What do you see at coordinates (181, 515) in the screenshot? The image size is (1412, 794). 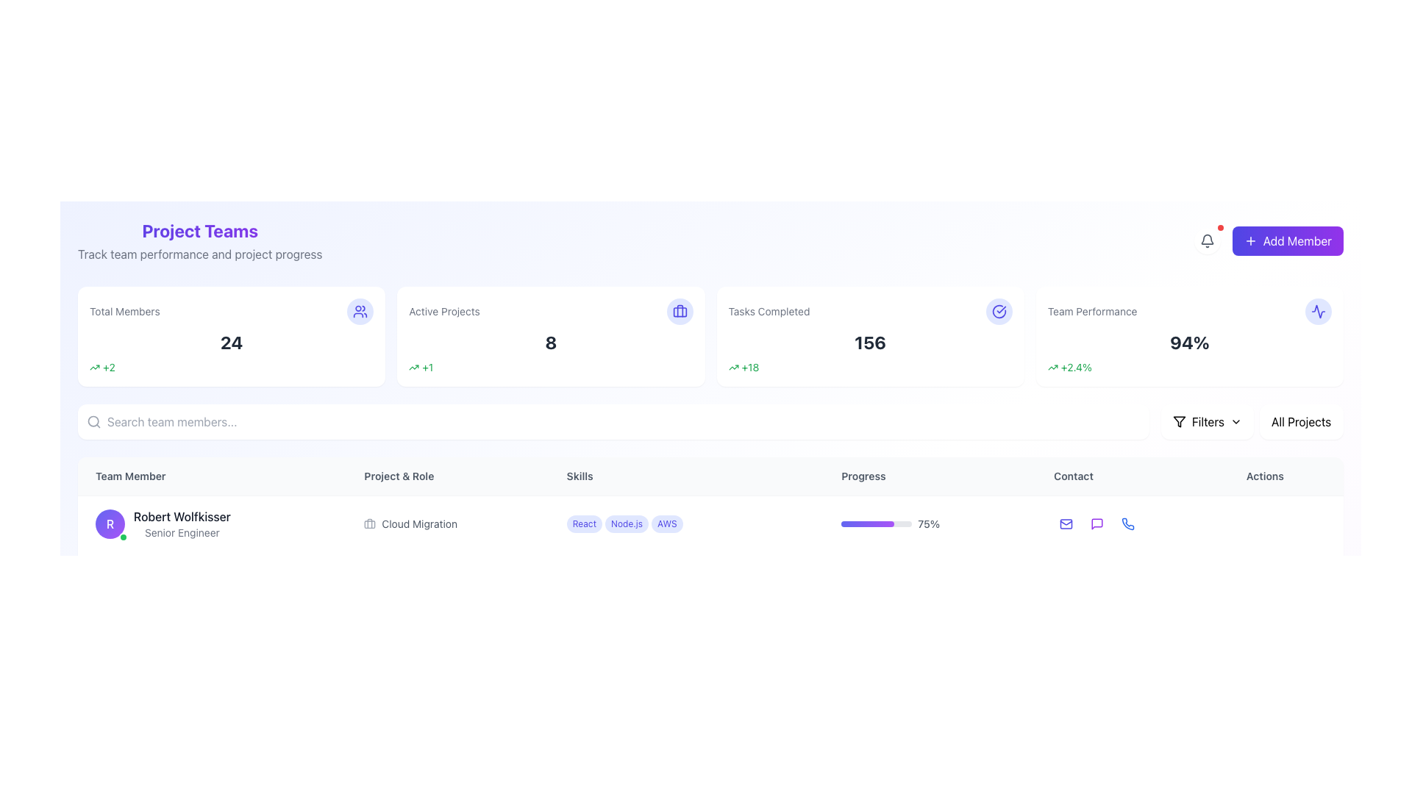 I see `the static text element displaying 'Robert Wolfkisser' in bold black font, located in the 'Team Member' column of the table structure` at bounding box center [181, 515].